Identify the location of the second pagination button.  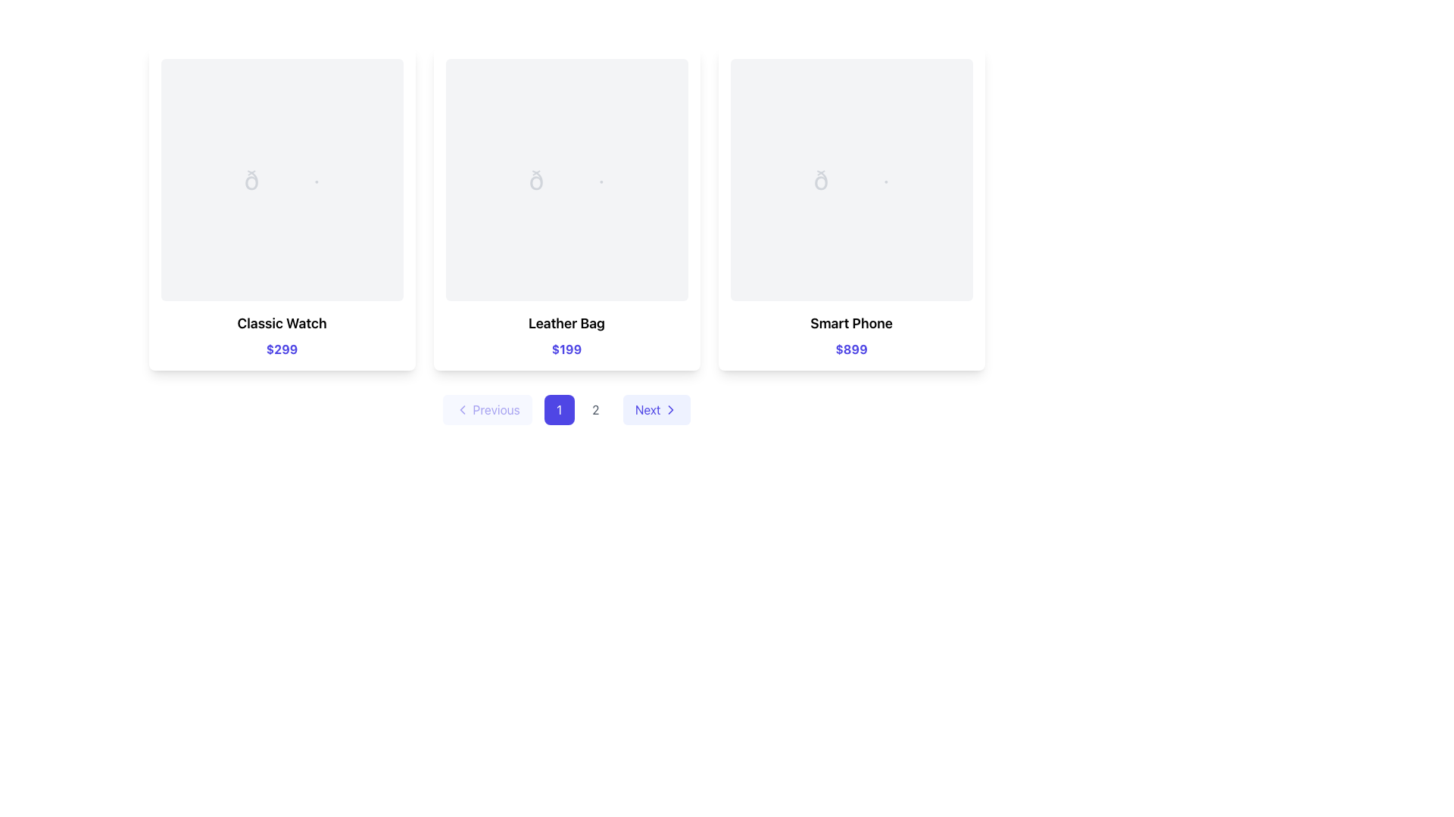
(594, 410).